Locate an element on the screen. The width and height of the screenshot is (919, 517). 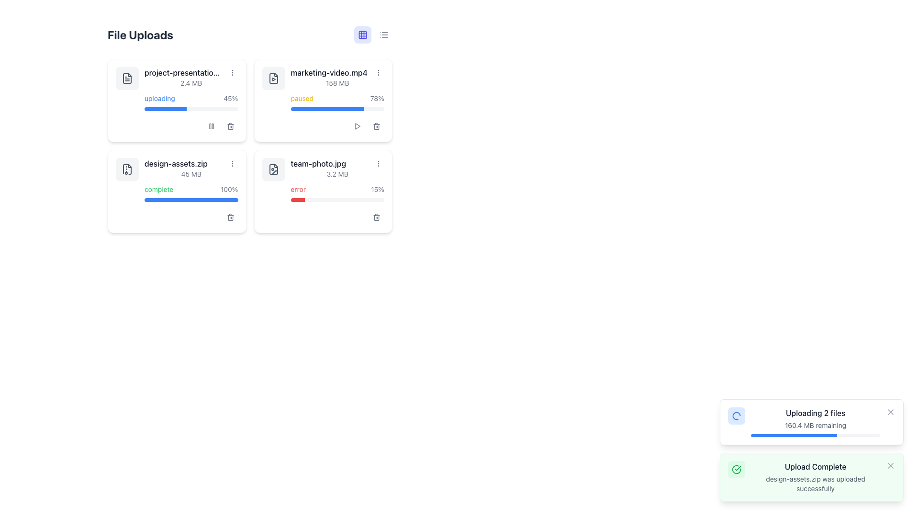
the trash can icon button located at the bottom right corner of the 'team-photo.jpg' card is located at coordinates (376, 125).